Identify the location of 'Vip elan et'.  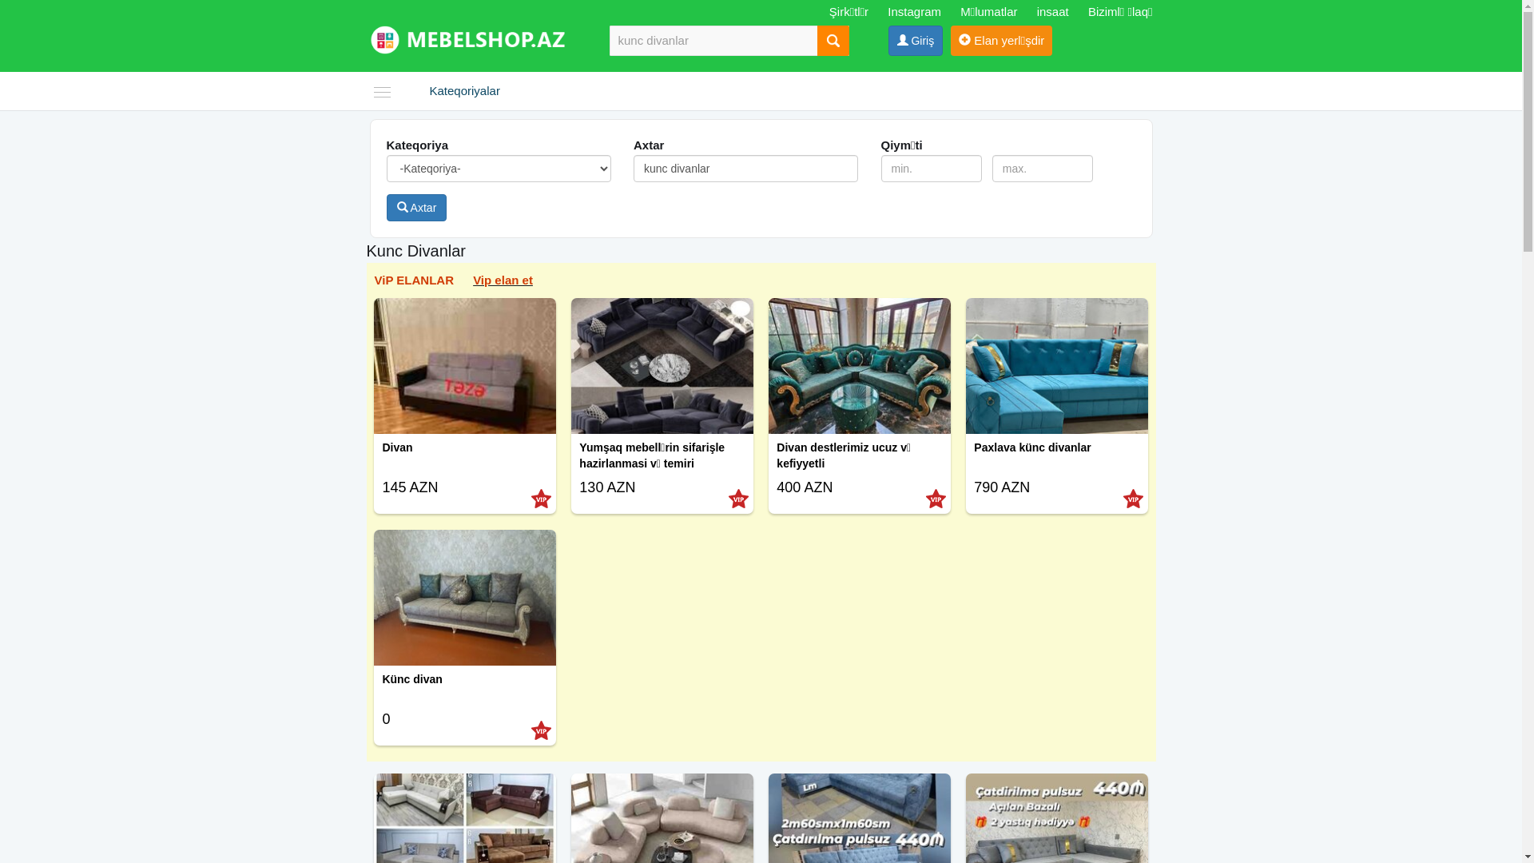
(502, 279).